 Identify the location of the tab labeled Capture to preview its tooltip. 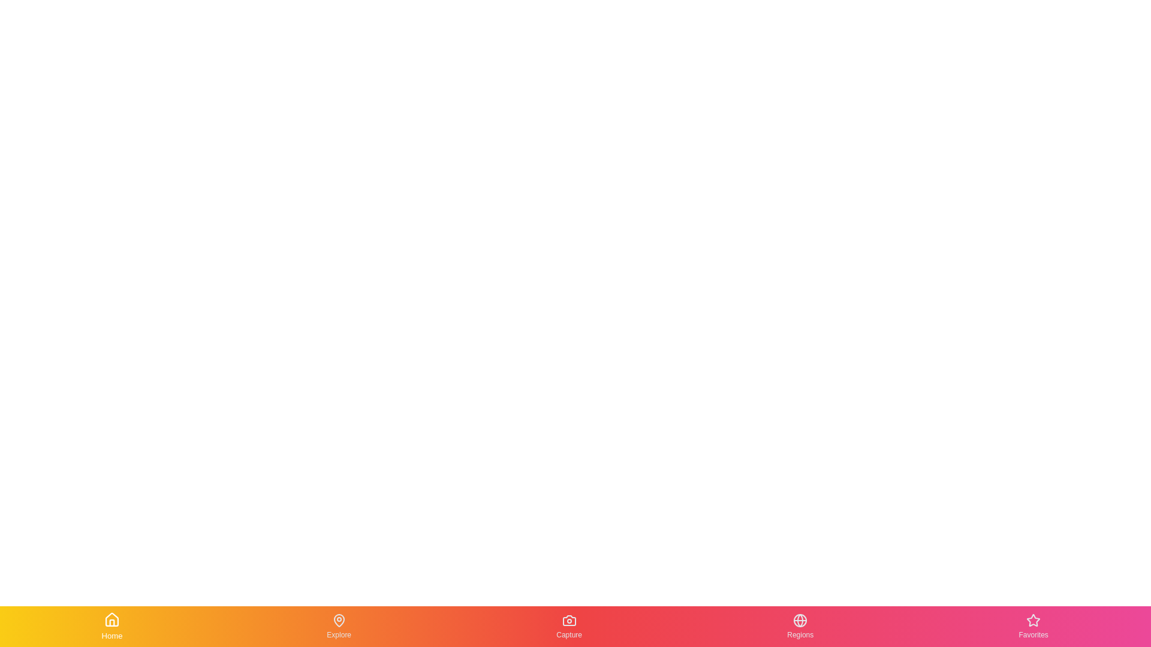
(569, 625).